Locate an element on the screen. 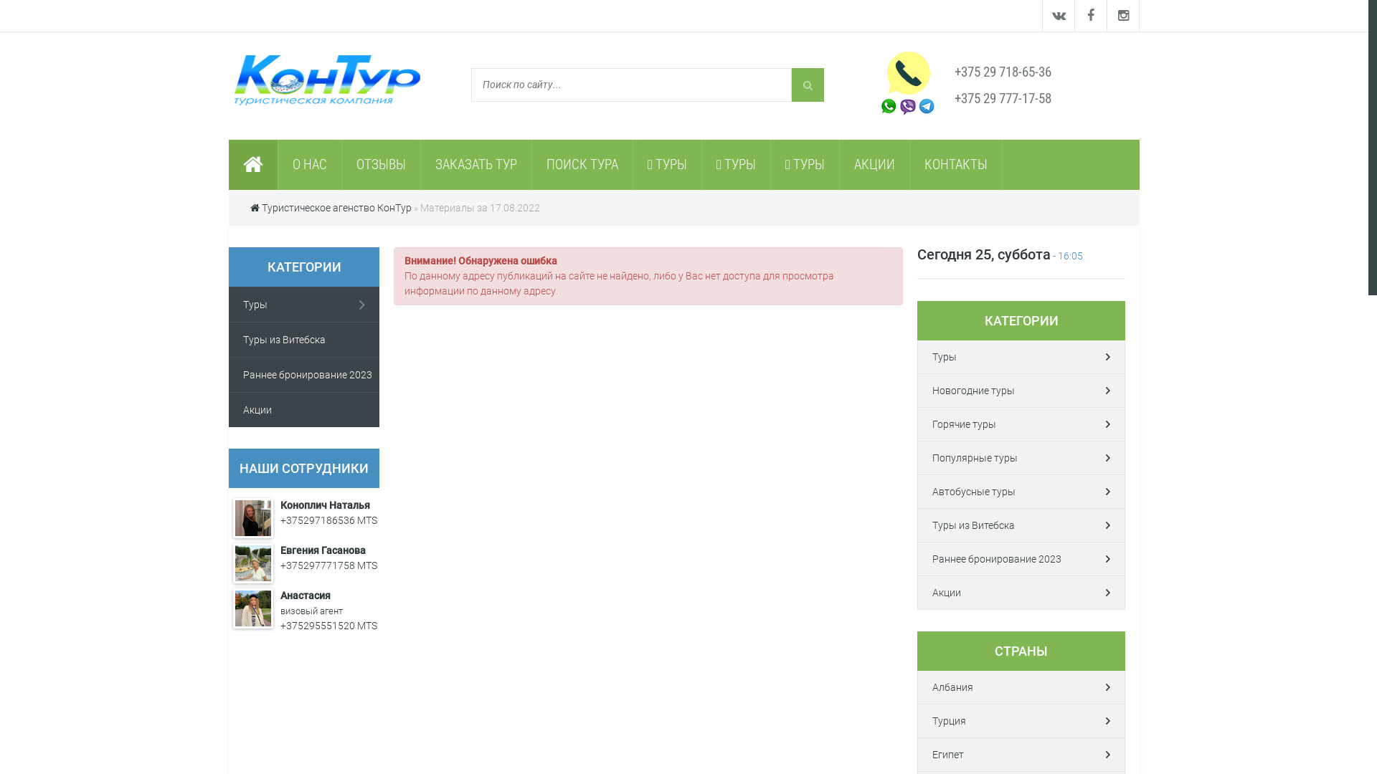  '+375 29 777-17-58' is located at coordinates (954, 97).